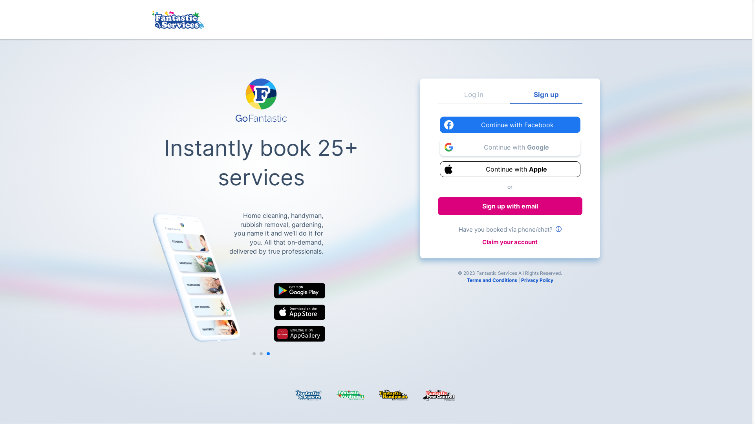 Image resolution: width=754 pixels, height=424 pixels. Describe the element at coordinates (510, 169) in the screenshot. I see `'Continue with Apple'` at that location.